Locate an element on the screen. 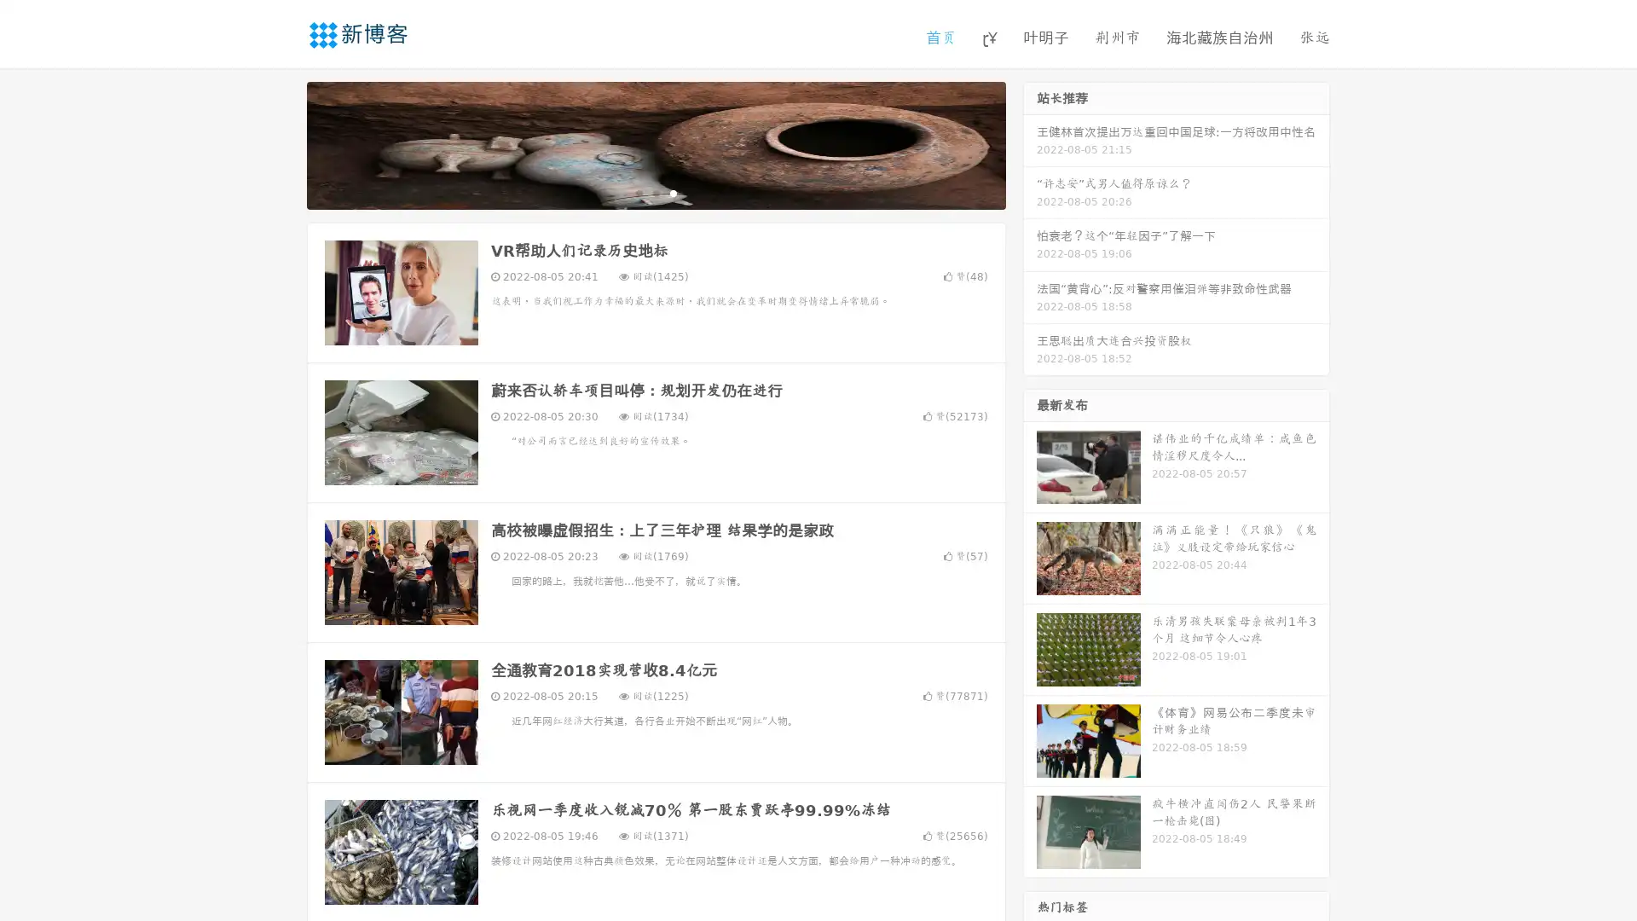 The image size is (1637, 921). Next slide is located at coordinates (1030, 143).